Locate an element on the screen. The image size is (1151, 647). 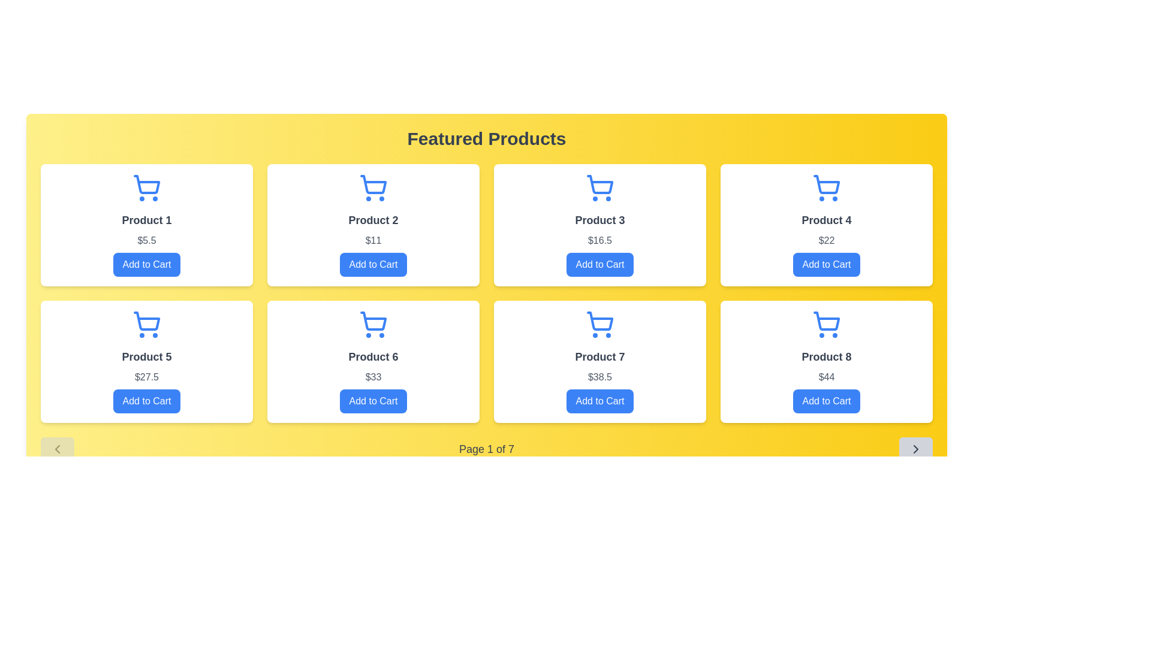
price displayed on the Product 4 card located at the top-right corner of the grid layout is located at coordinates (825, 225).